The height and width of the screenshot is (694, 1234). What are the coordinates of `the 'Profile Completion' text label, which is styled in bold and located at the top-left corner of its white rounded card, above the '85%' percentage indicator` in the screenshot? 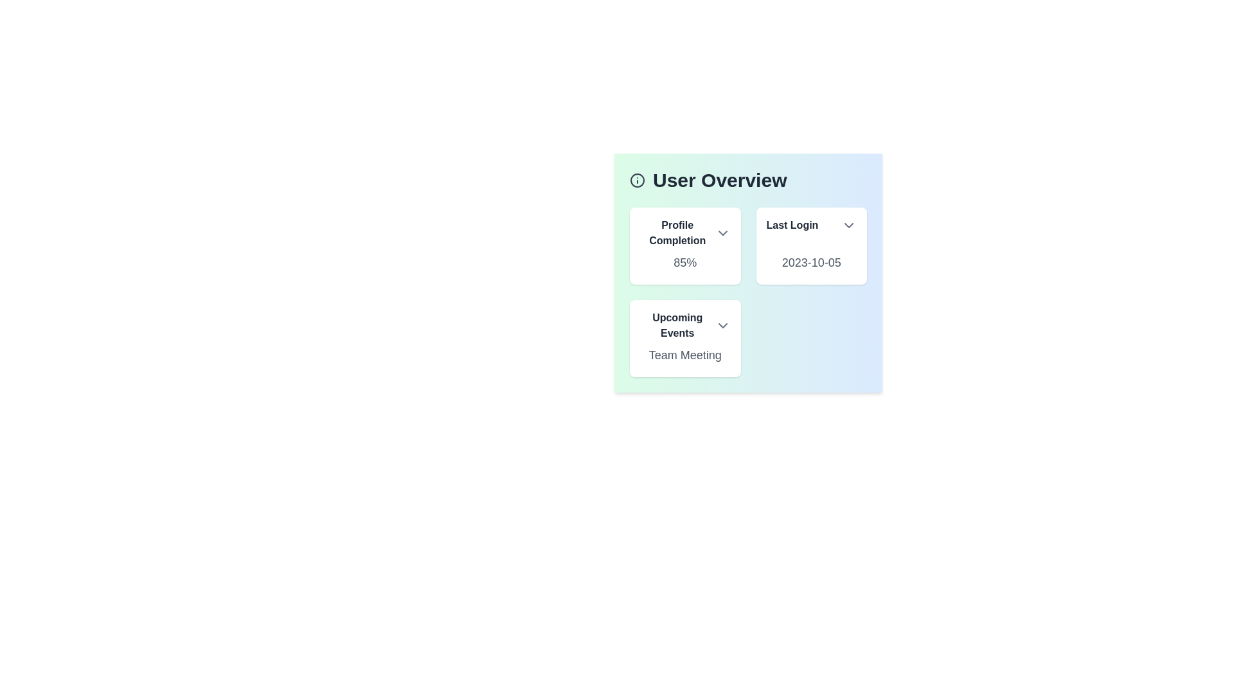 It's located at (684, 233).